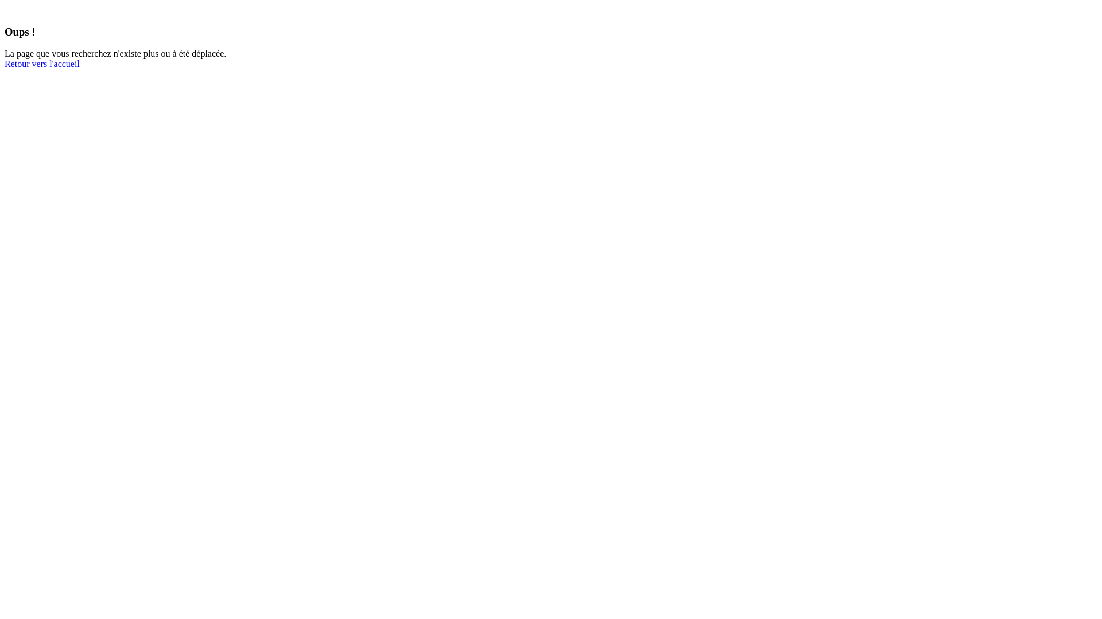 The height and width of the screenshot is (619, 1102). What do you see at coordinates (42, 64) in the screenshot?
I see `'Retour vers l'accueil'` at bounding box center [42, 64].